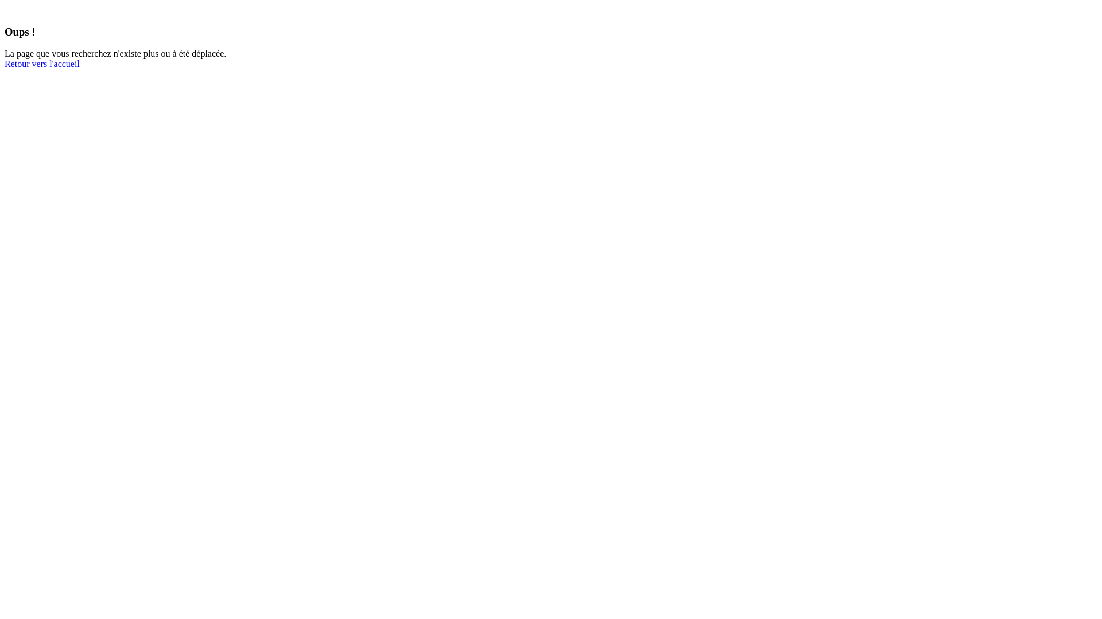 The height and width of the screenshot is (619, 1102). What do you see at coordinates (42, 64) in the screenshot?
I see `'Retour vers l'accueil'` at bounding box center [42, 64].